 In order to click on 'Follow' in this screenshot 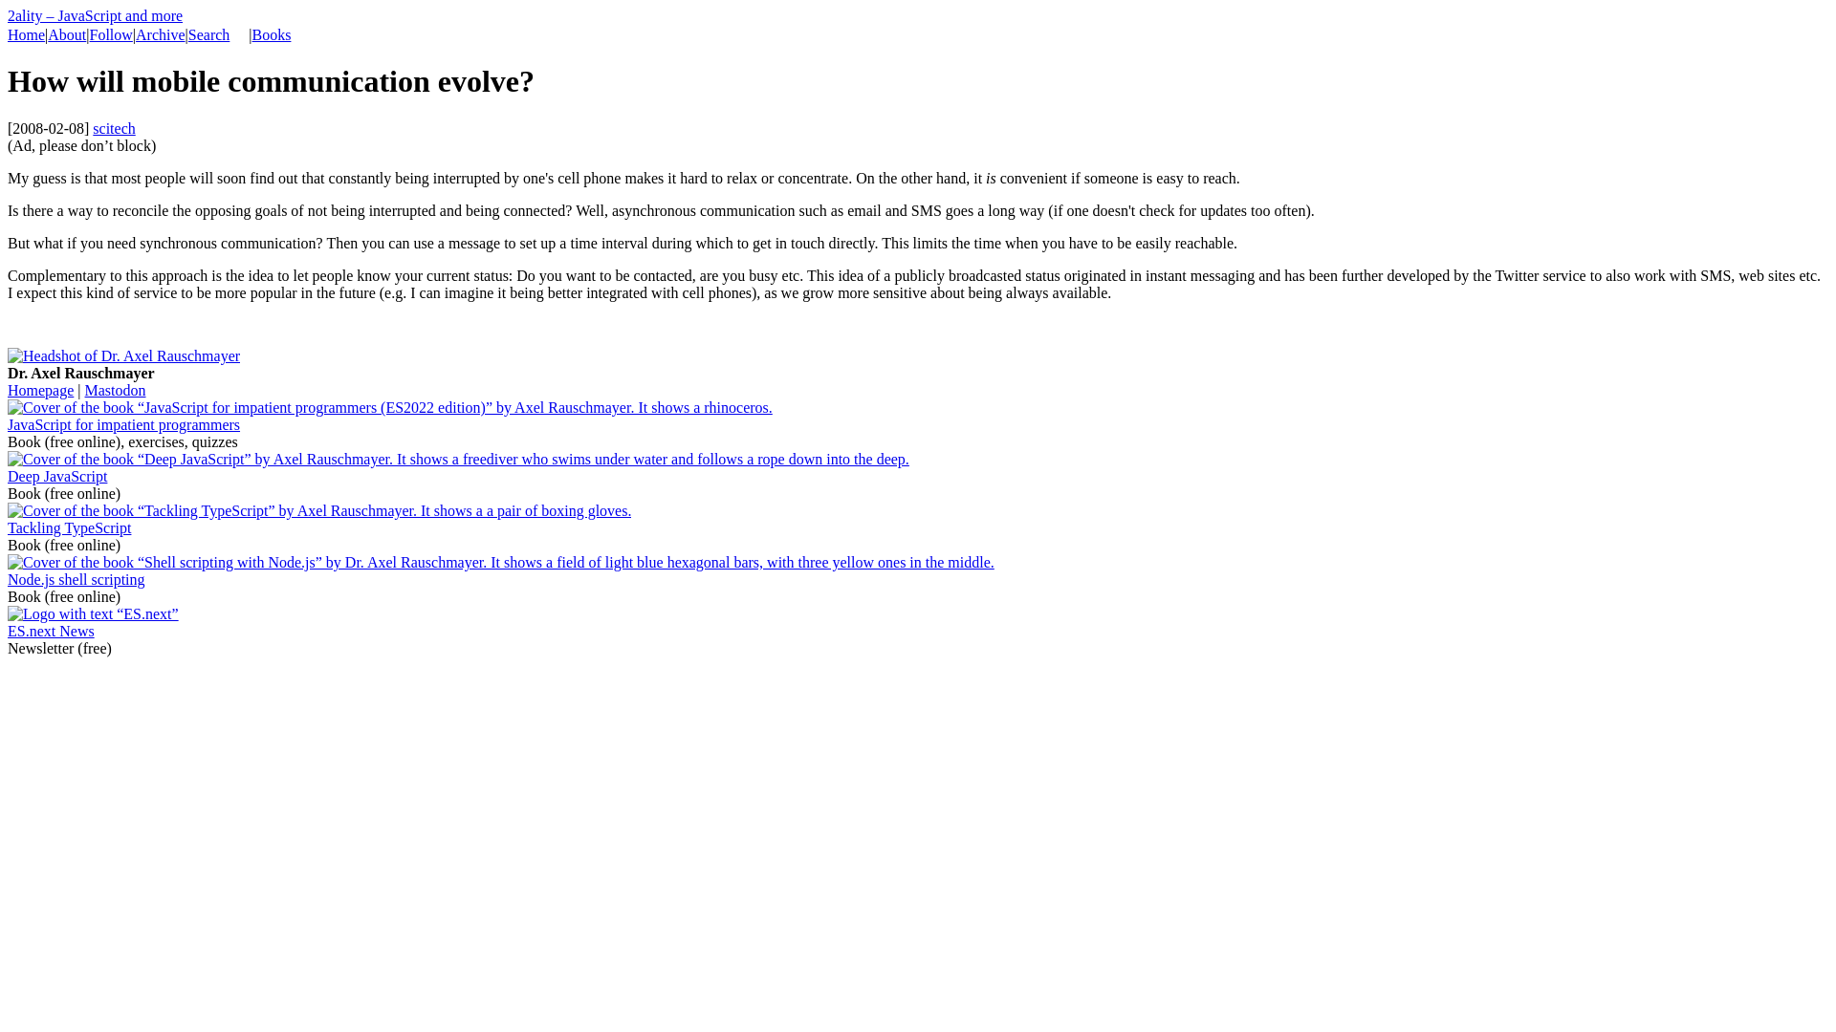, I will do `click(110, 34)`.